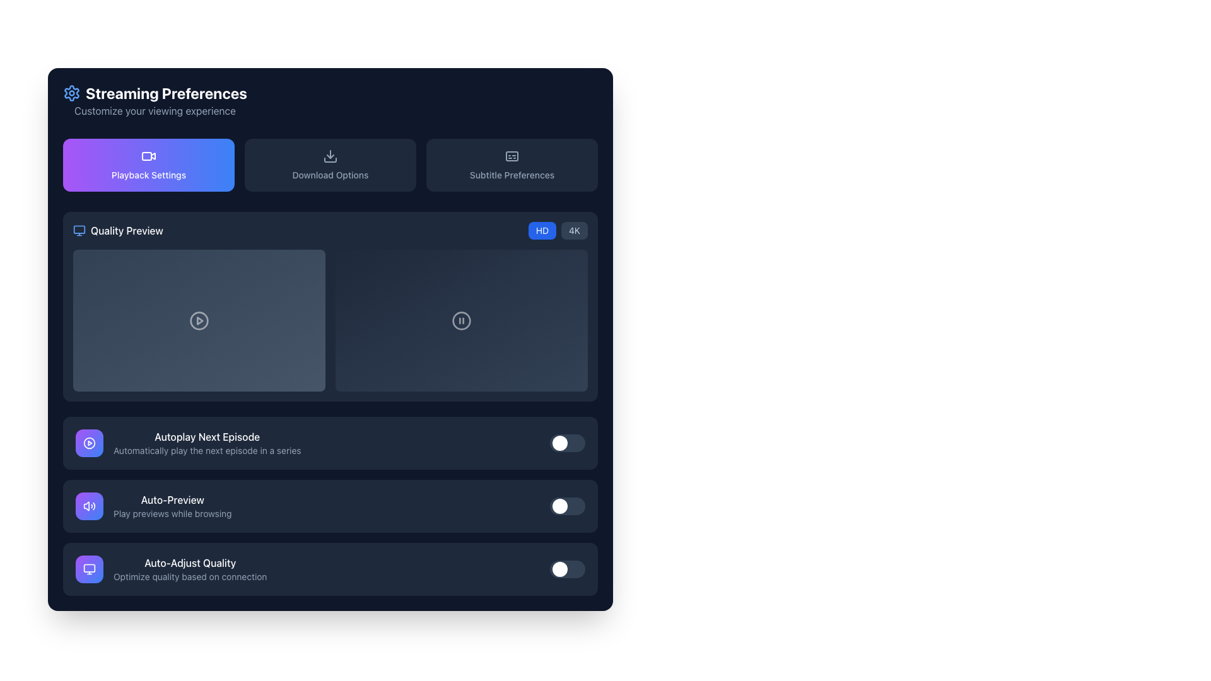  Describe the element at coordinates (330, 569) in the screenshot. I see `the toggle switch of the 'Auto-Adjust Quality' setting` at that location.